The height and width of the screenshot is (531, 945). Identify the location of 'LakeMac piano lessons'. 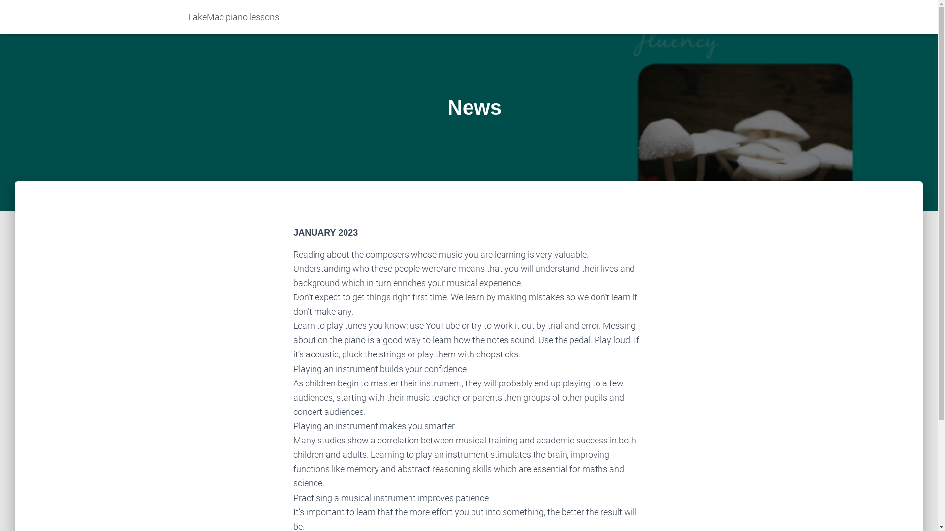
(181, 17).